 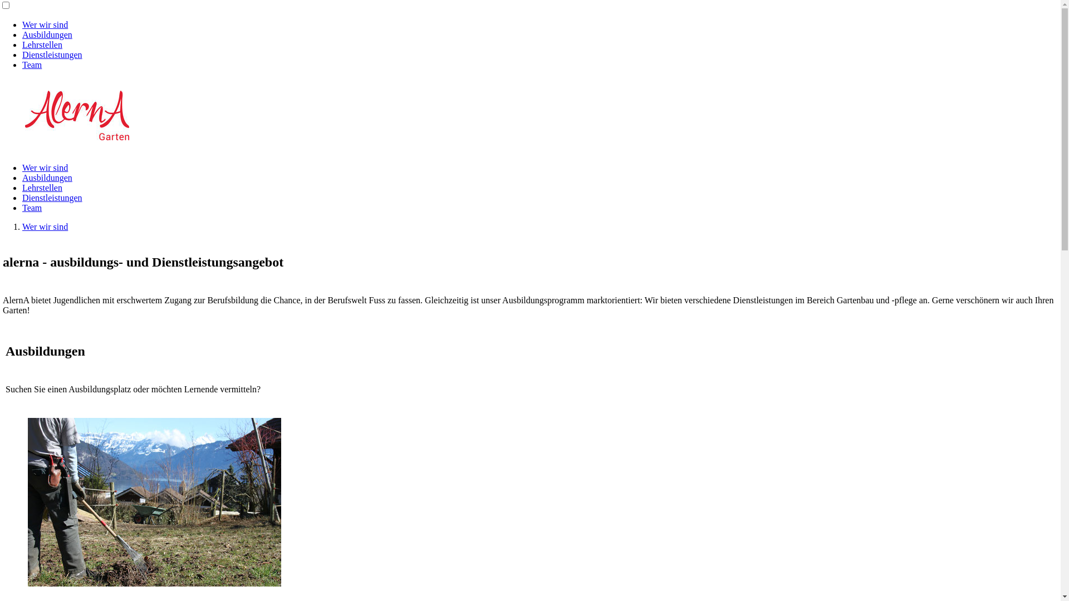 What do you see at coordinates (32, 208) in the screenshot?
I see `'Team'` at bounding box center [32, 208].